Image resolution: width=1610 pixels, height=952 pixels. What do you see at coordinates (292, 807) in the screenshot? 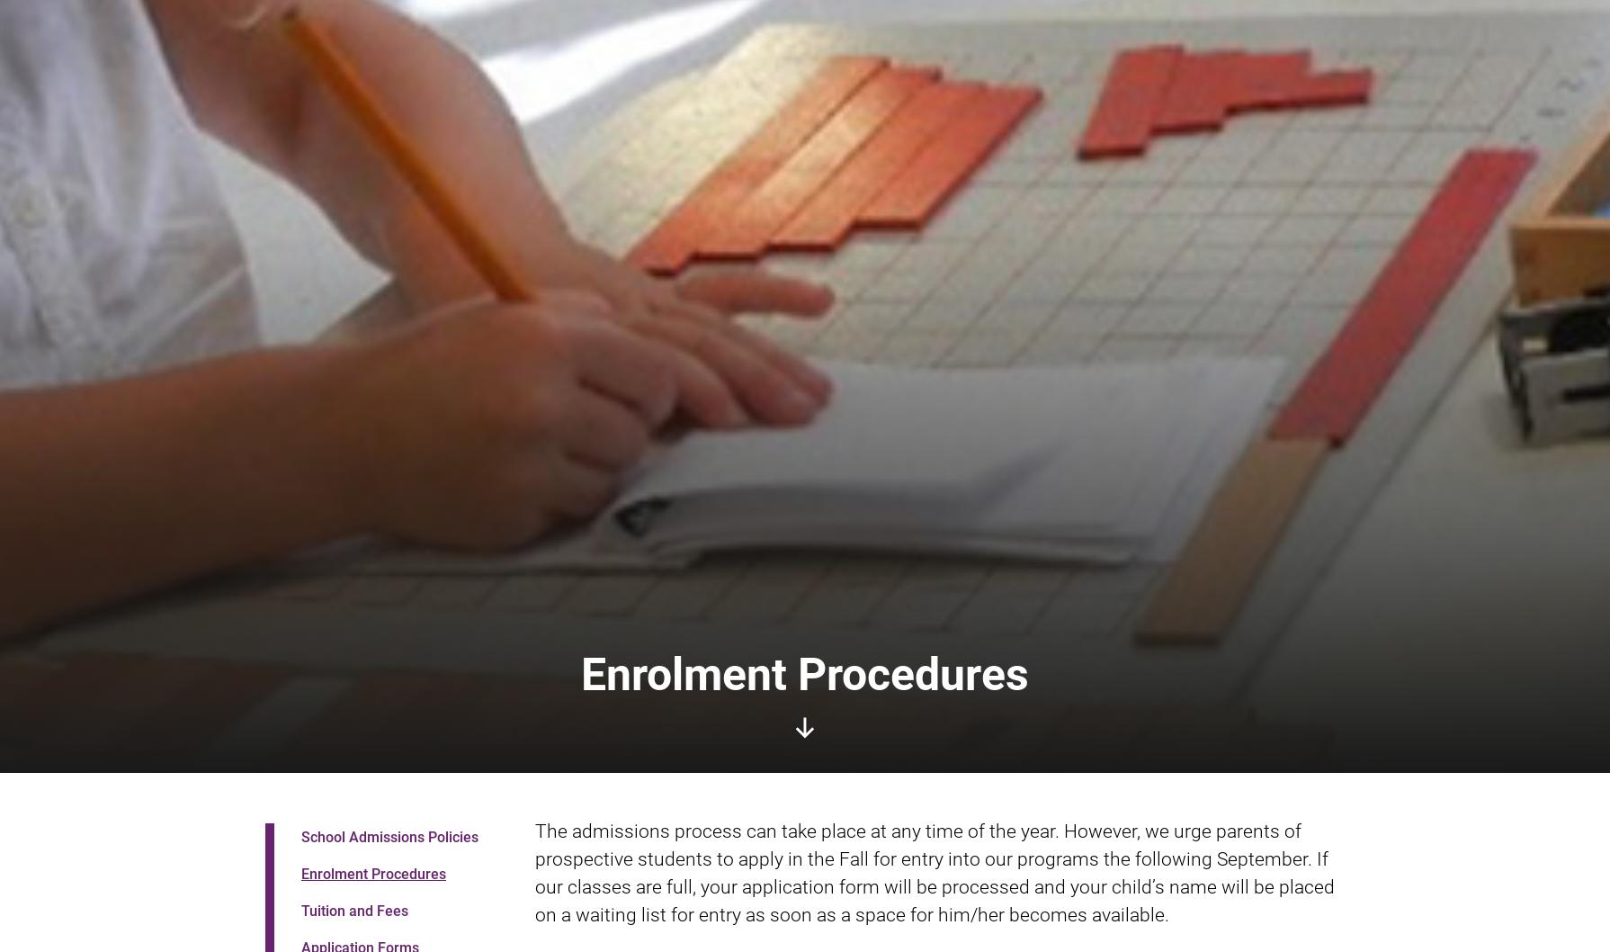
I see `'©
            
              
							2023'` at bounding box center [292, 807].